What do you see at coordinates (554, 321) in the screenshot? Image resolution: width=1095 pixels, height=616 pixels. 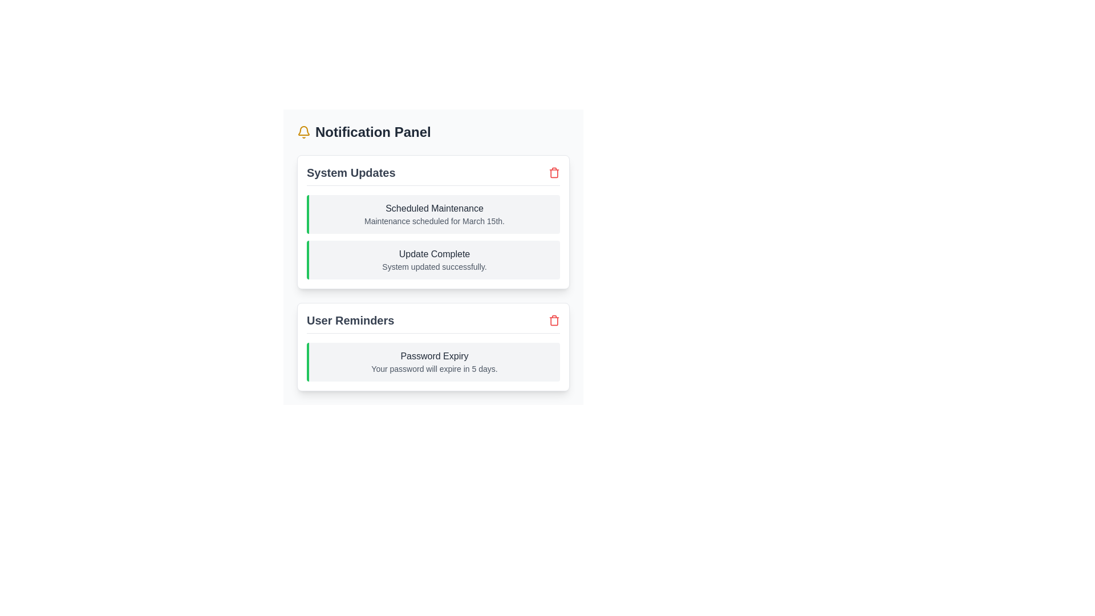 I see `the delete icon for the User Reminders notification category` at bounding box center [554, 321].